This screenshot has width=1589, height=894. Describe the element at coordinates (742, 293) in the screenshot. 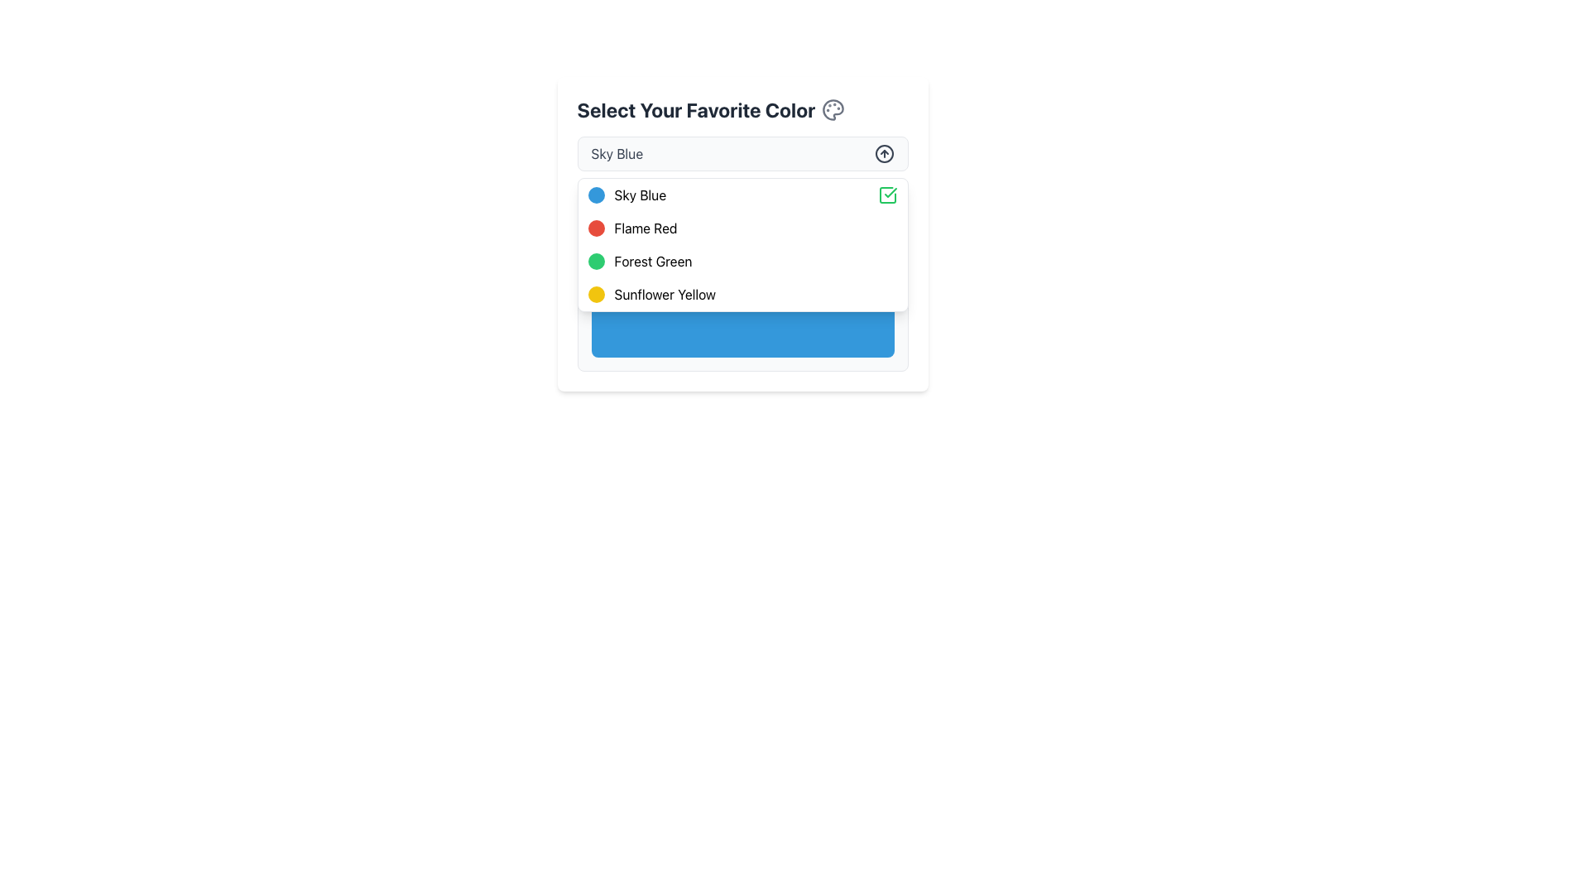

I see `the 'Sunflower Yellow' color option in the dropdown menu, which is the fourth item under 'Select Your Favorite Color'` at that location.